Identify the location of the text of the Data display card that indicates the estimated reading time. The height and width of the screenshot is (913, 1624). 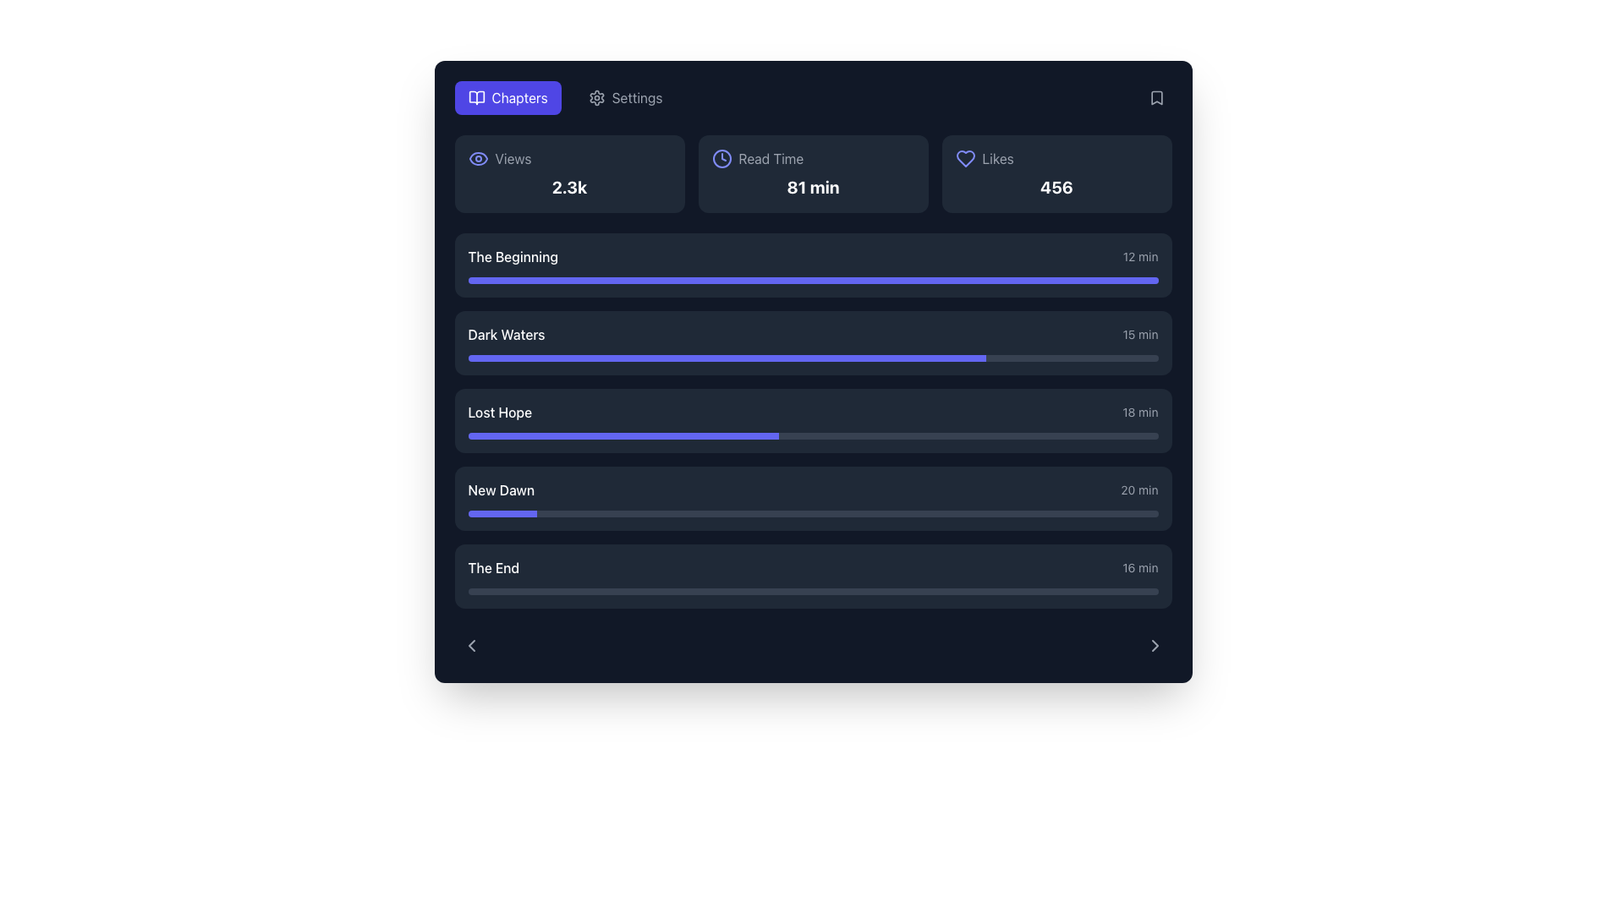
(813, 173).